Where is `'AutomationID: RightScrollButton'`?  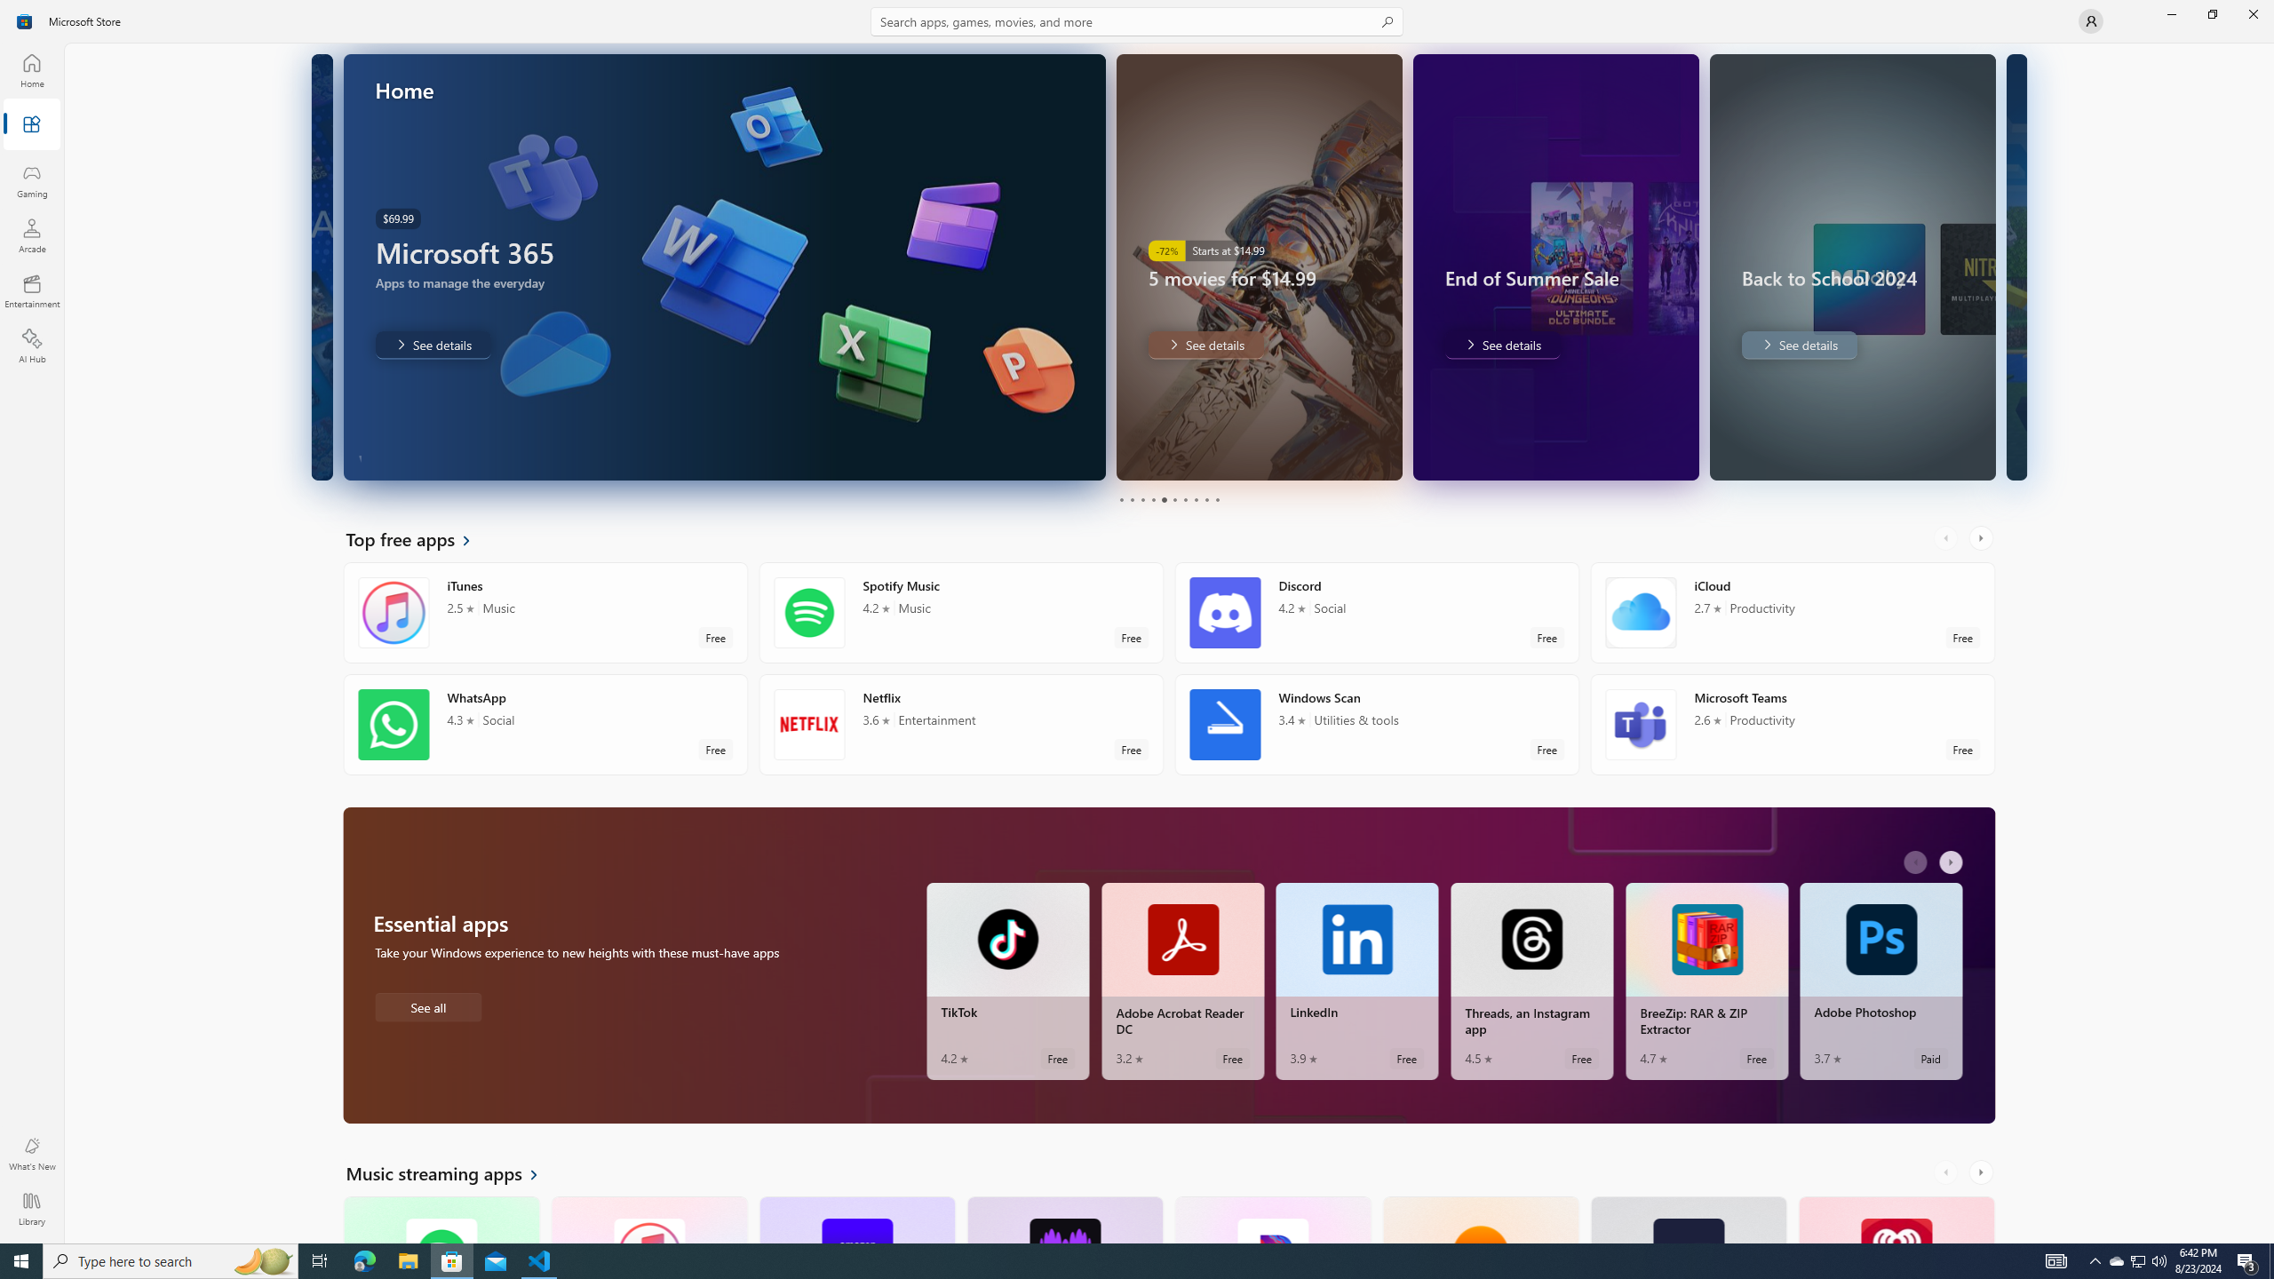
'AutomationID: RightScrollButton' is located at coordinates (1982, 1172).